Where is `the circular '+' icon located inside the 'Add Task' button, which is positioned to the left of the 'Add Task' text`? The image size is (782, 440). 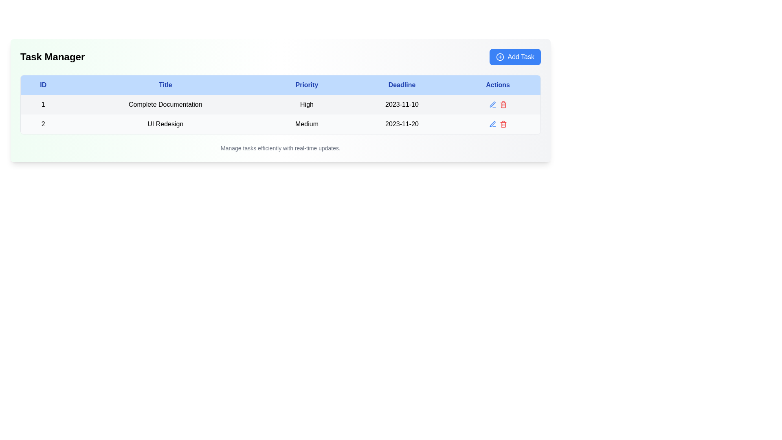
the circular '+' icon located inside the 'Add Task' button, which is positioned to the left of the 'Add Task' text is located at coordinates (500, 56).